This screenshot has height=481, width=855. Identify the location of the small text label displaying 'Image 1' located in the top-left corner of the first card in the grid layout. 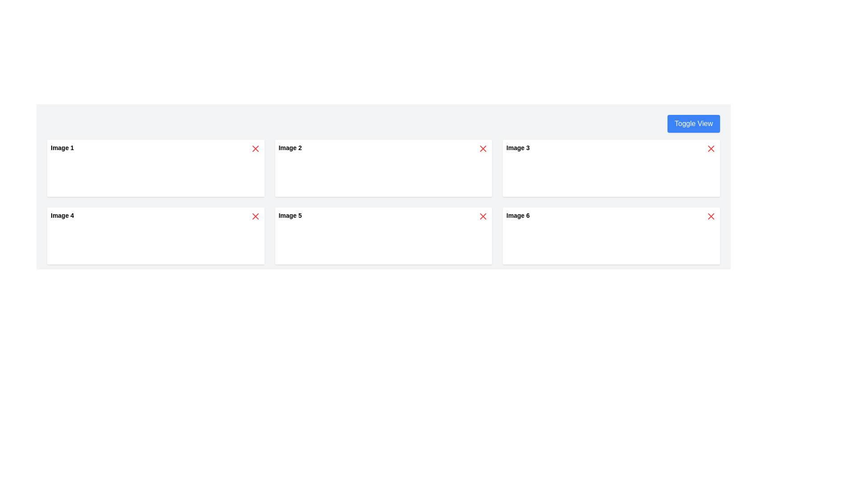
(62, 147).